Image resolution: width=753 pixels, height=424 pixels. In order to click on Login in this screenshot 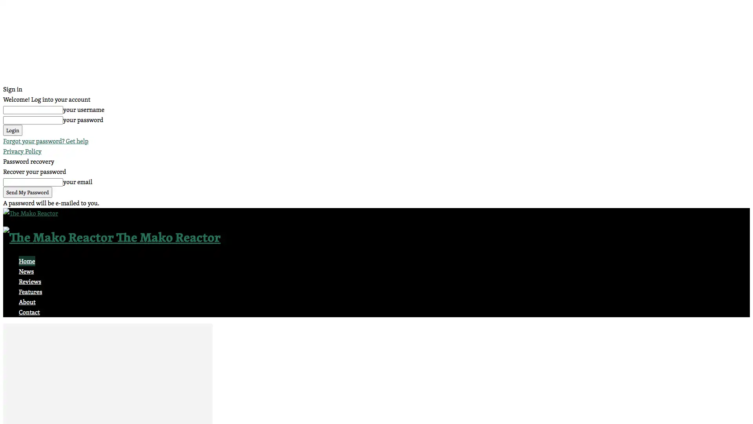, I will do `click(13, 130)`.